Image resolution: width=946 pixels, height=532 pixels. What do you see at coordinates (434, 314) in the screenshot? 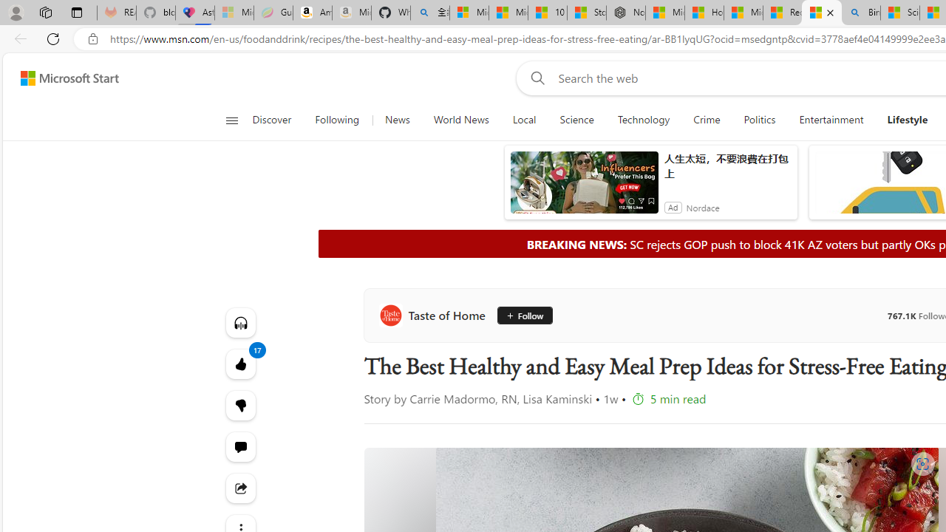
I see `'Taste of Home'` at bounding box center [434, 314].